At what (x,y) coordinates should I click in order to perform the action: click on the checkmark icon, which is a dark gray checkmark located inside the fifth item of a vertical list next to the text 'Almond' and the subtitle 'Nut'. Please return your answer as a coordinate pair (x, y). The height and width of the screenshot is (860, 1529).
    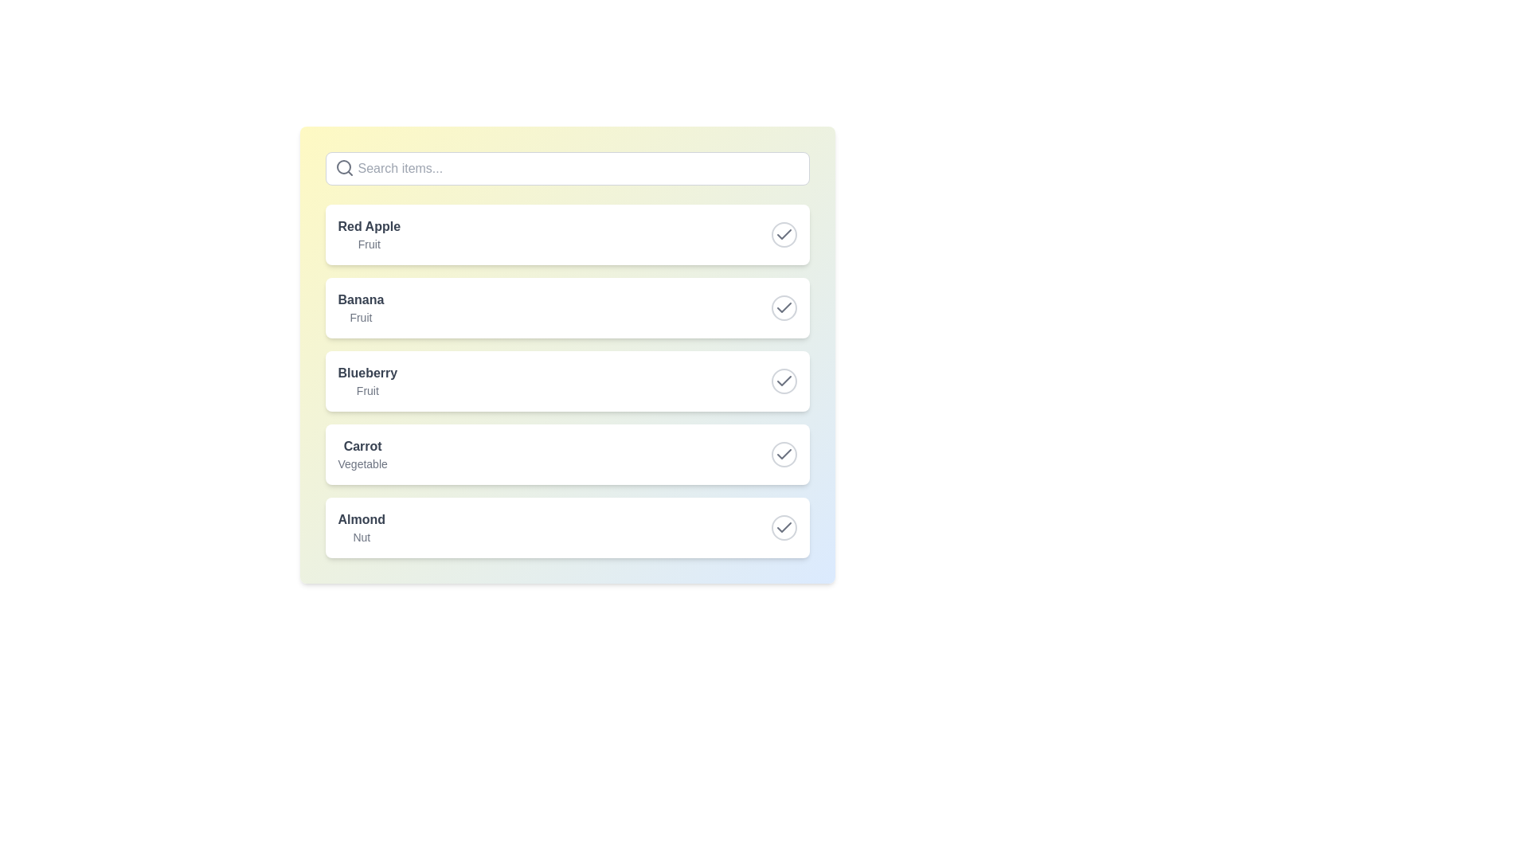
    Looking at the image, I should click on (784, 454).